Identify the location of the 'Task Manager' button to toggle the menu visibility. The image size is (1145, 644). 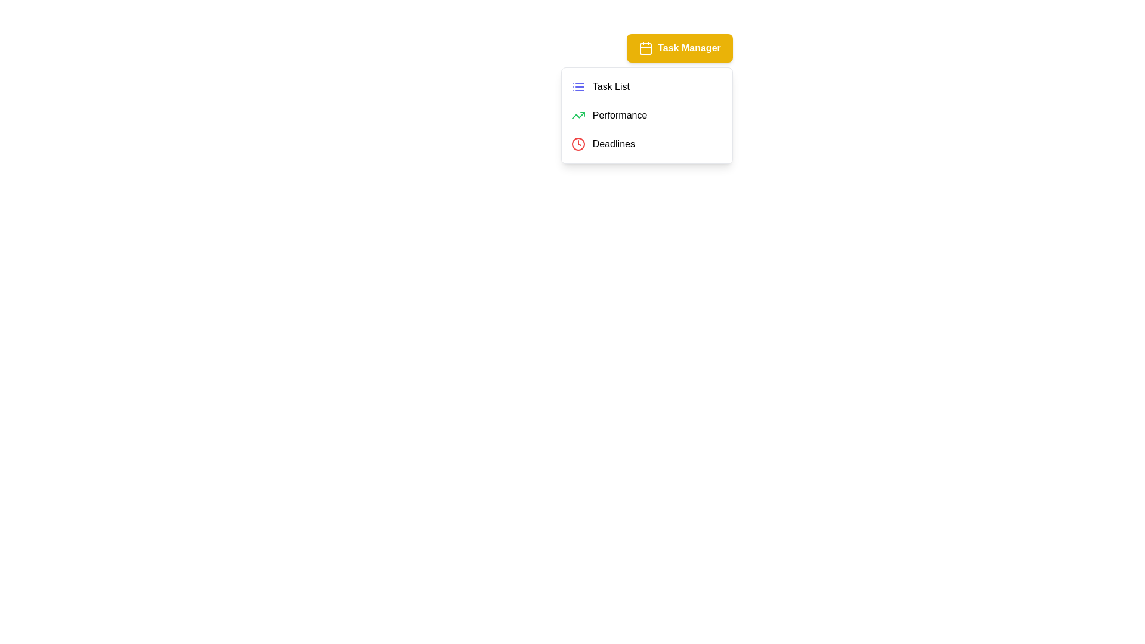
(680, 48).